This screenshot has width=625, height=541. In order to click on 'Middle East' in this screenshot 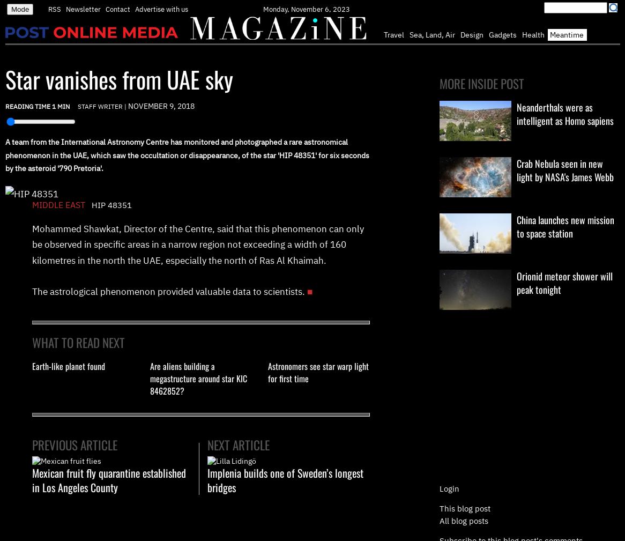, I will do `click(60, 203)`.